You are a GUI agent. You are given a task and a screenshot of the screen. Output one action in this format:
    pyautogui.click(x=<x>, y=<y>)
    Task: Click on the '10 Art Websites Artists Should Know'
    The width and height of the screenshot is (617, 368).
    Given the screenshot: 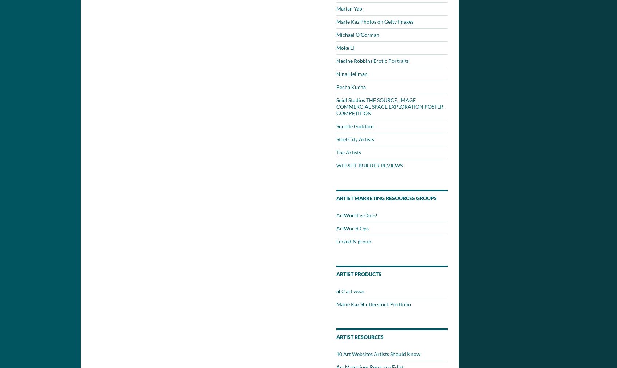 What is the action you would take?
    pyautogui.click(x=378, y=354)
    